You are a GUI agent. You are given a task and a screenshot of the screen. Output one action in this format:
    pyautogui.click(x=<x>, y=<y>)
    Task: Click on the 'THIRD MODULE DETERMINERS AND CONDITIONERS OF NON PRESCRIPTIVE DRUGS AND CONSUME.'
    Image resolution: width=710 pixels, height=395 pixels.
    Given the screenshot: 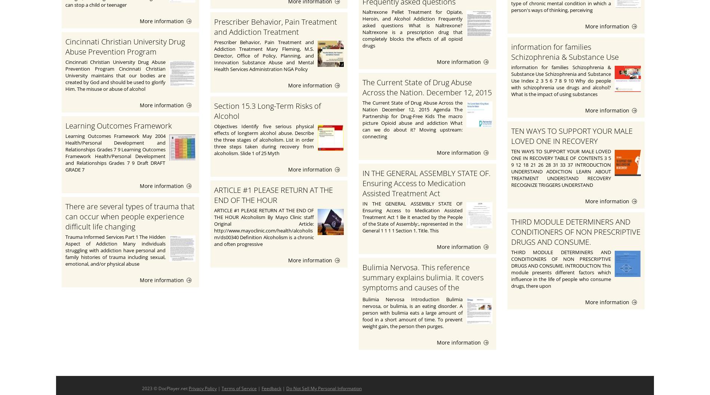 What is the action you would take?
    pyautogui.click(x=510, y=231)
    